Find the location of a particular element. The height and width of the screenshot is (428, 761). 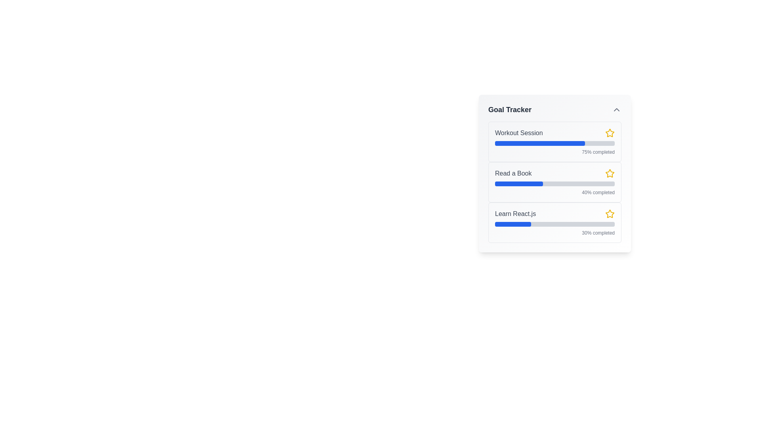

the horizontal progress bar, which has a gray background and a blue portion indicating progression, located below the 'Workout Session' title and above the '75% completed' text in the first goal tracking card of the 'Goal Tracker' interface is located at coordinates (554, 143).